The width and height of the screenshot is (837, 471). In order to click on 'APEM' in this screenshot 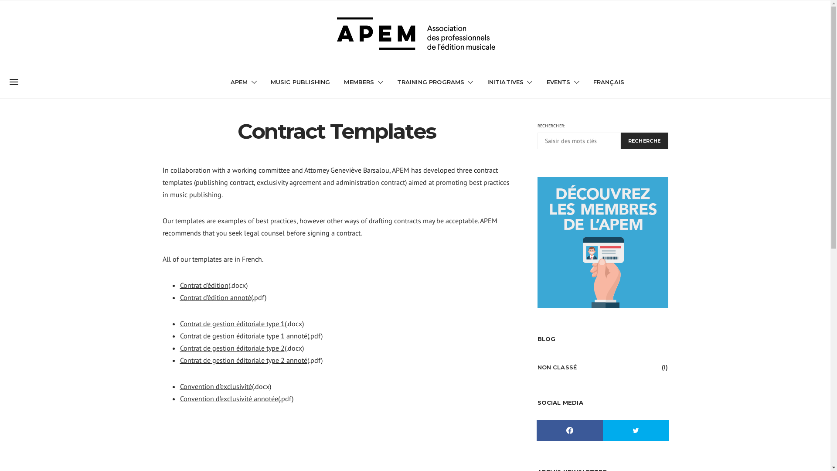, I will do `click(230, 82)`.